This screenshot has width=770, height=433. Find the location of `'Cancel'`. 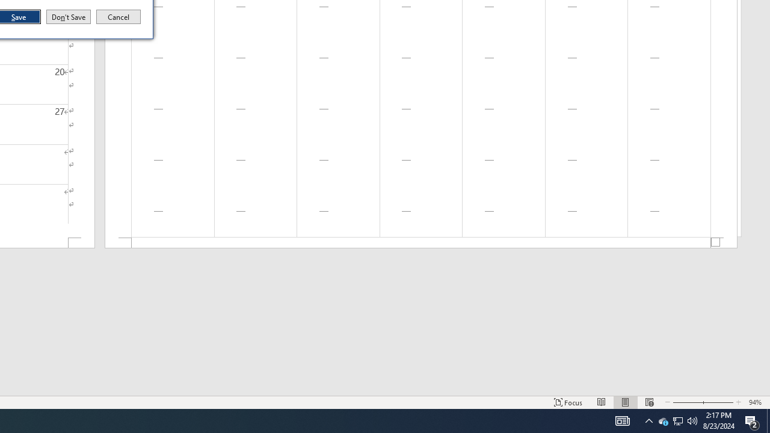

'Cancel' is located at coordinates (119, 17).